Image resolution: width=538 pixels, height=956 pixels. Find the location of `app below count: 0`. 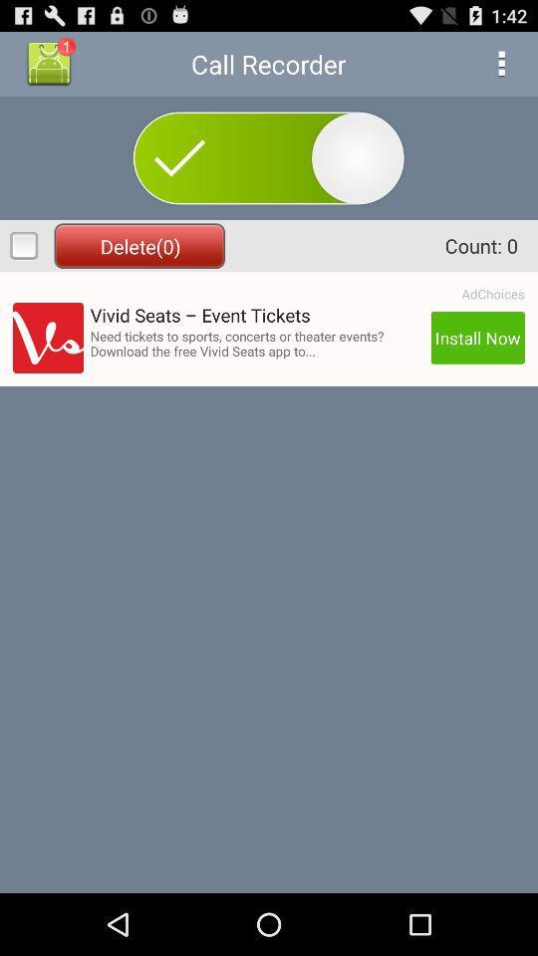

app below count: 0 is located at coordinates (492, 293).